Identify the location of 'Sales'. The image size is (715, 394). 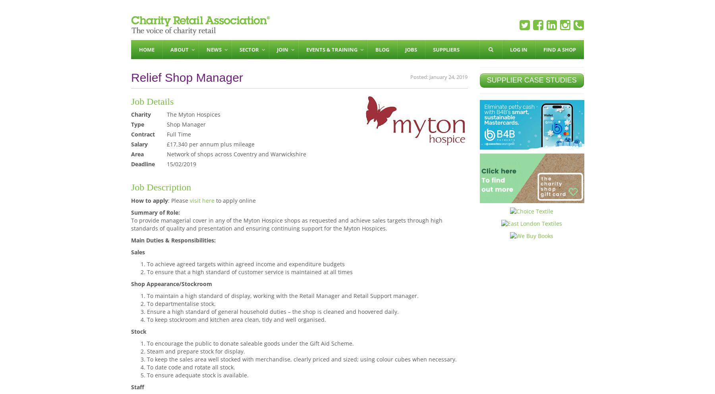
(138, 251).